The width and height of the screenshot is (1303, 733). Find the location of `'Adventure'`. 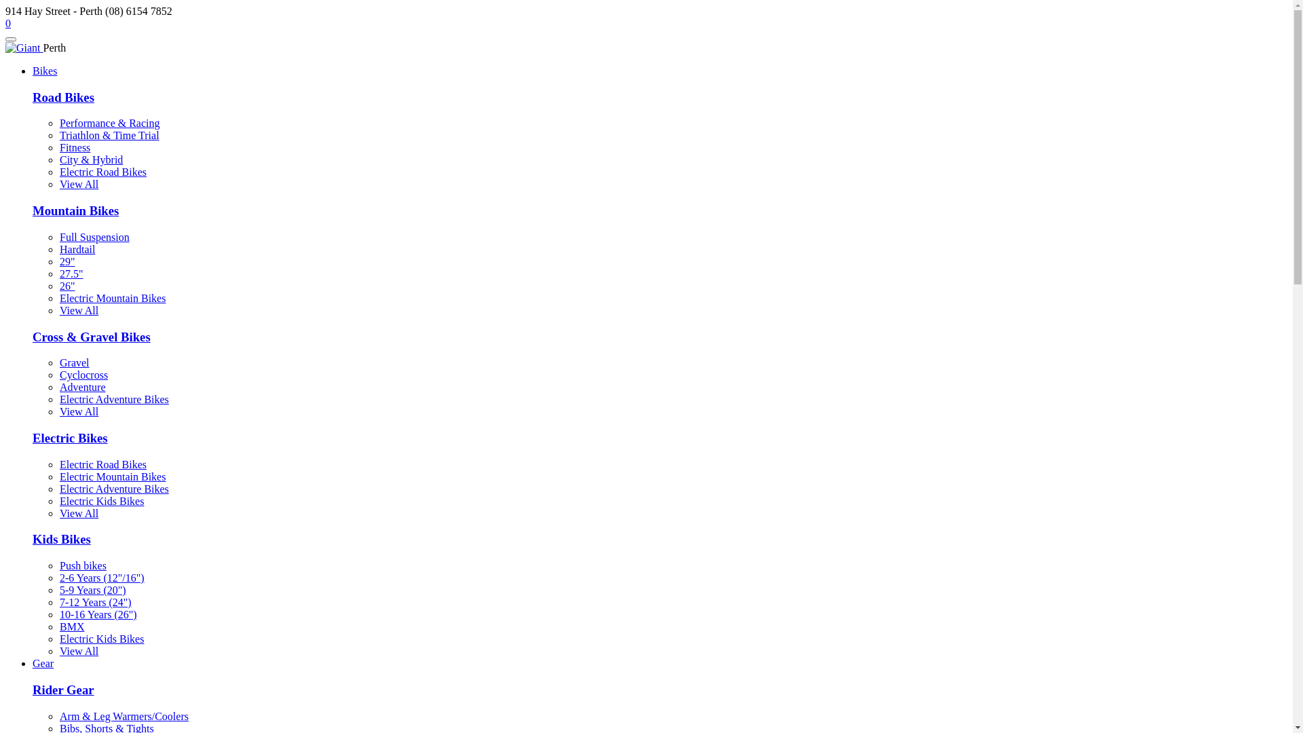

'Adventure' is located at coordinates (81, 387).